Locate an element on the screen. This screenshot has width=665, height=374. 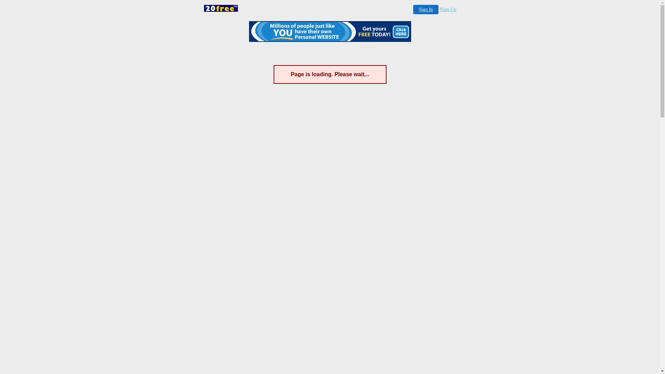
'Sign In' is located at coordinates (425, 9).